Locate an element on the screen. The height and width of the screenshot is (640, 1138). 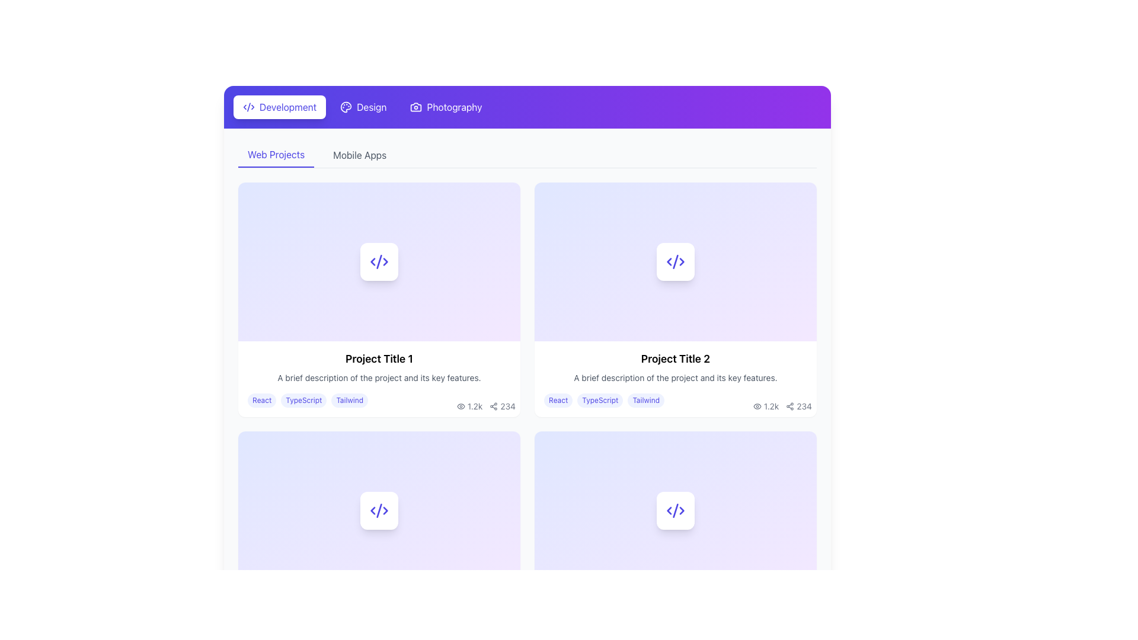
numbers displayed in the Statistics row at the bottom-right corner of the 'Project Title 1' card, which shows '1.2k' and '234' is located at coordinates (486, 405).